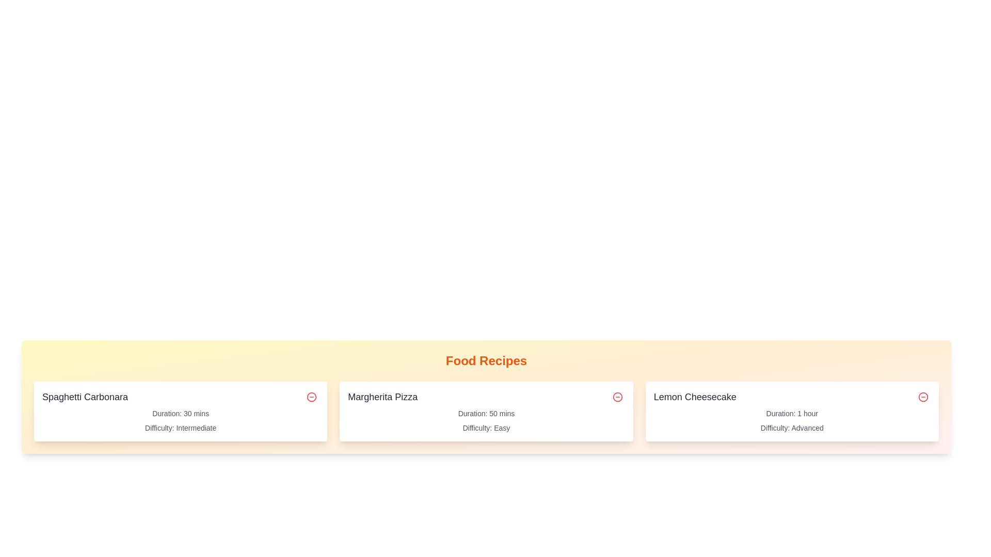 The image size is (991, 557). What do you see at coordinates (617, 397) in the screenshot?
I see `the circular remove button icon with a red border and minus symbol located in the top-right corner of the second card in the 'Food Recipes' section` at bounding box center [617, 397].